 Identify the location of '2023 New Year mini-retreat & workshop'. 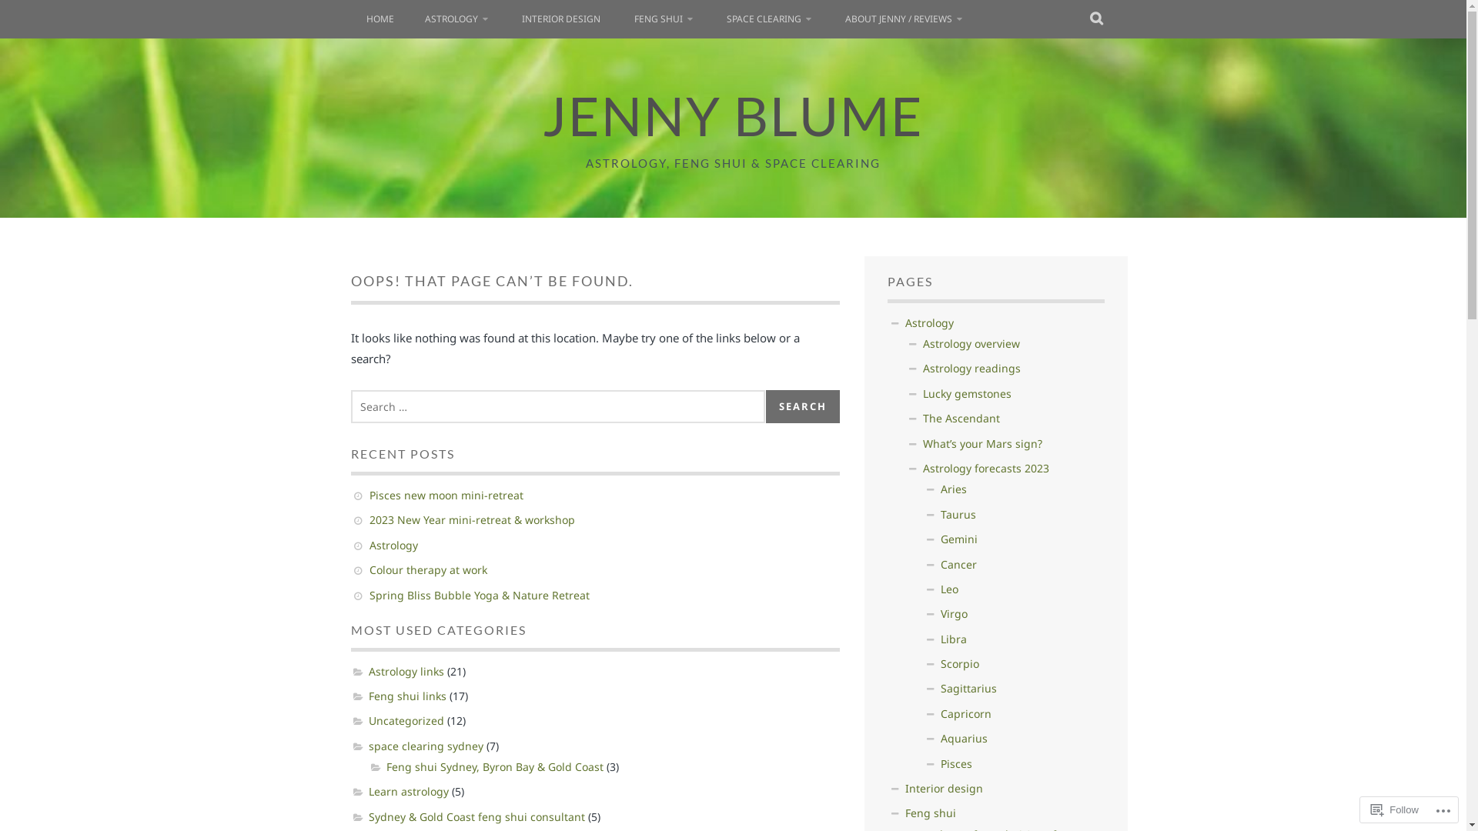
(369, 519).